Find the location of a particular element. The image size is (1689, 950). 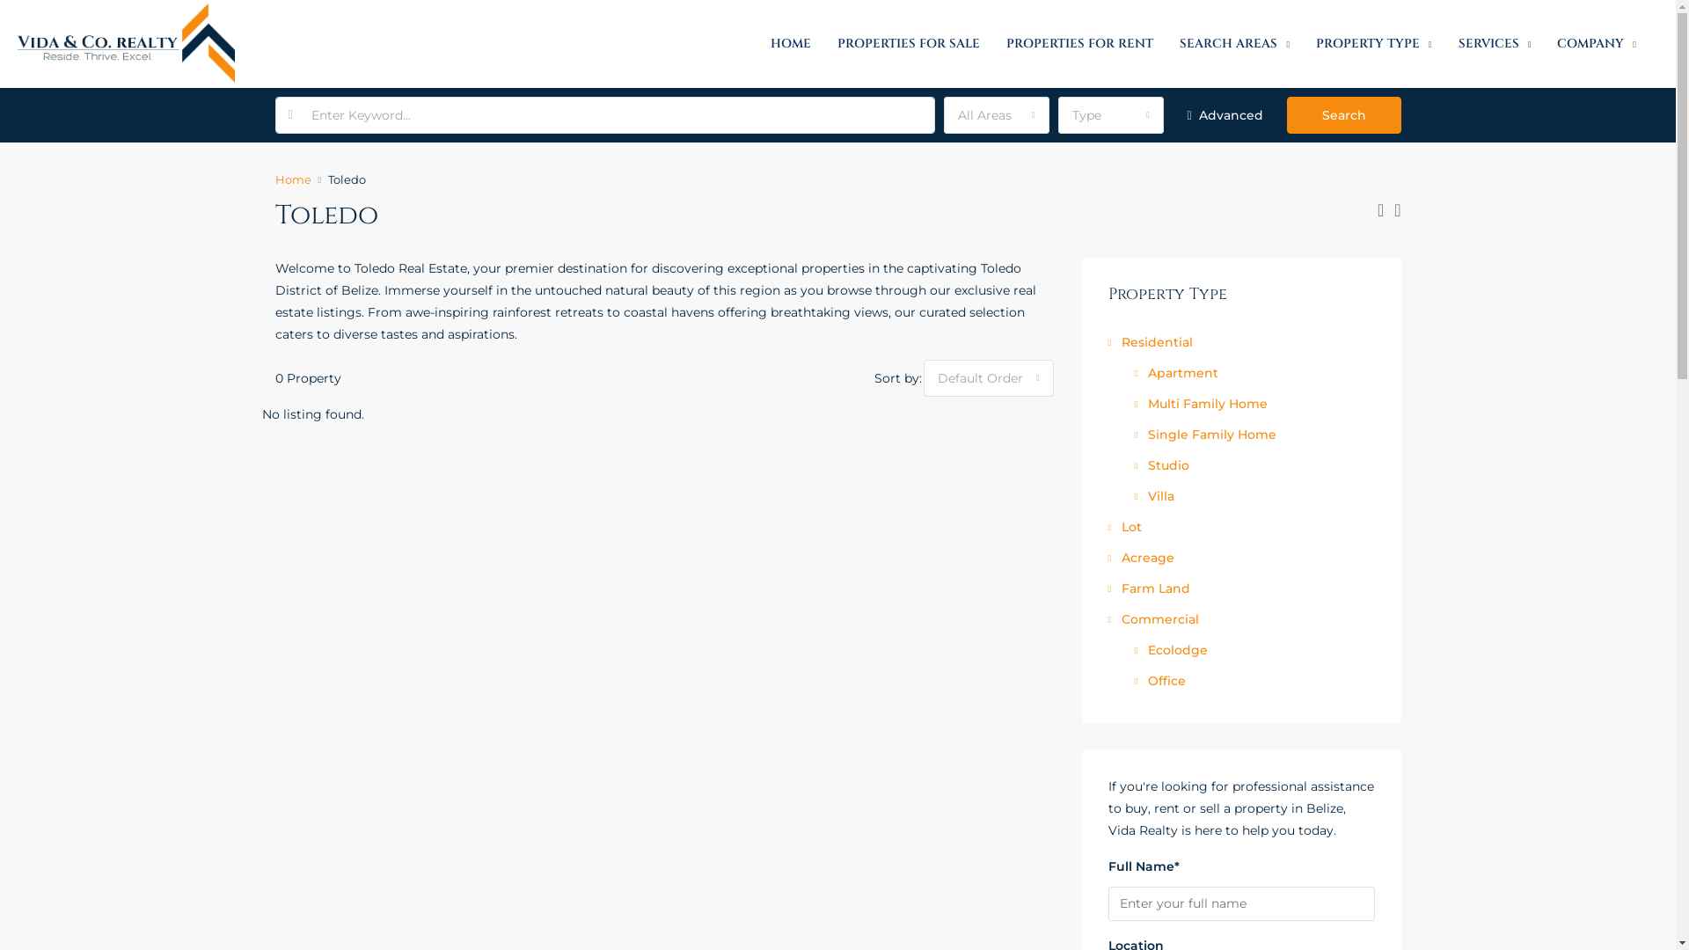

'HOME' is located at coordinates (789, 43).